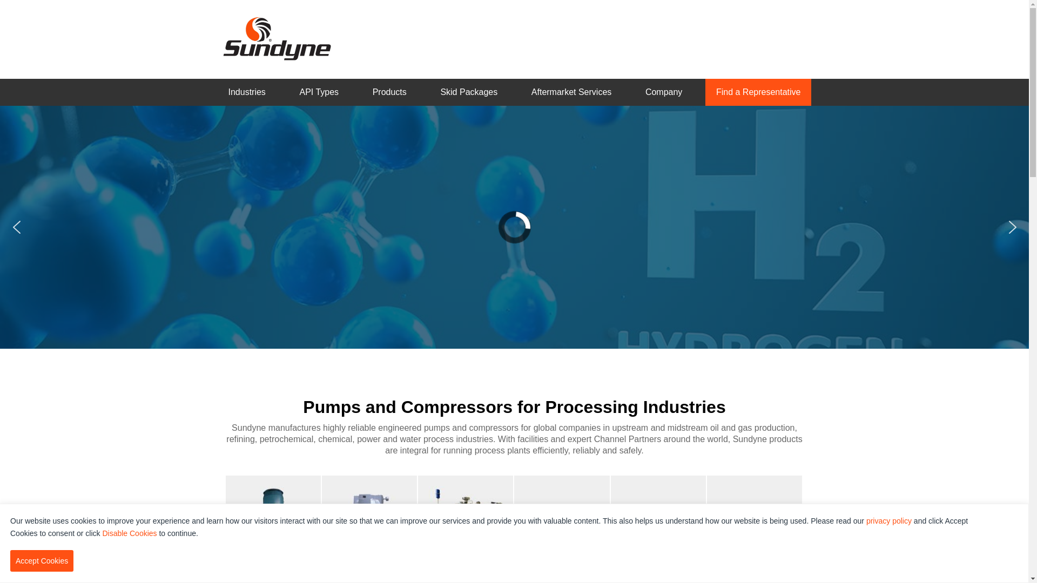 The image size is (1037, 583). I want to click on 'Products', so click(389, 92).